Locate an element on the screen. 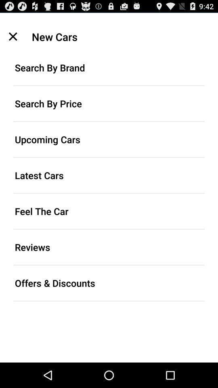  the icon above search by brand icon is located at coordinates (13, 36).